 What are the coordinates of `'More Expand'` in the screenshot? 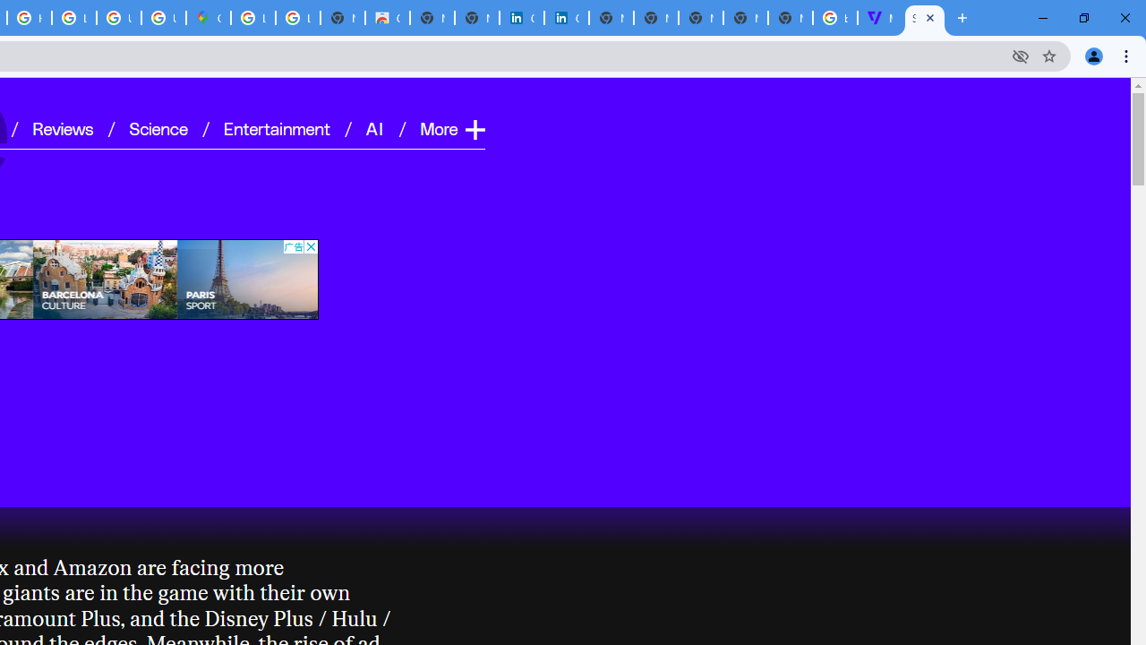 It's located at (451, 127).